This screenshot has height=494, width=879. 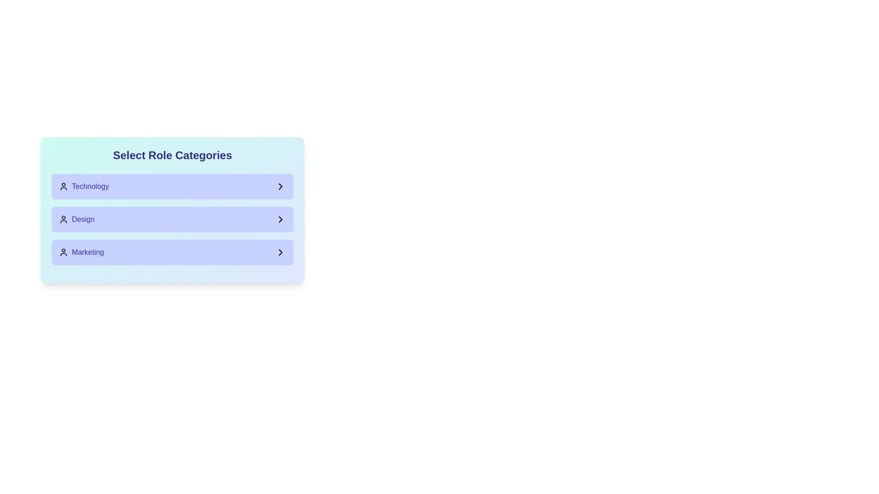 What do you see at coordinates (63, 219) in the screenshot?
I see `the user silhouette icon located in the 'Design' category, which is positioned to the left of the 'Design' label text` at bounding box center [63, 219].